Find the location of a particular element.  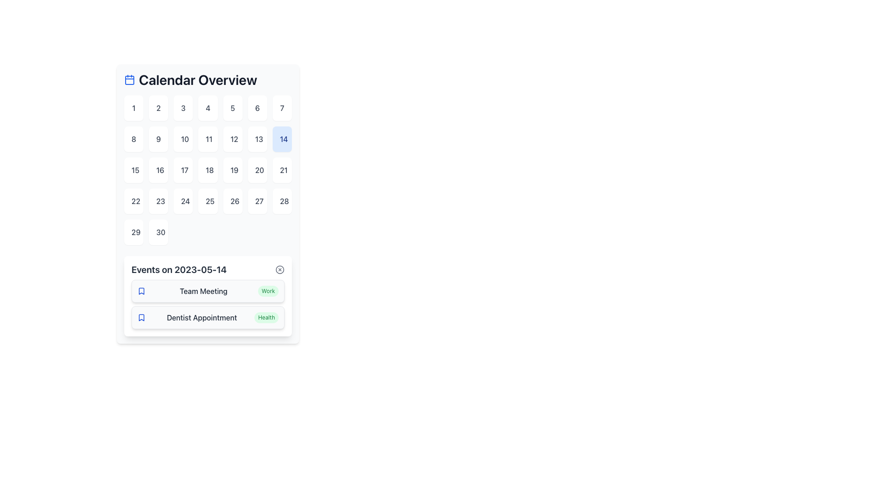

the calendar date button located in the third row and fifth column of the calendar grid is located at coordinates (232, 170).